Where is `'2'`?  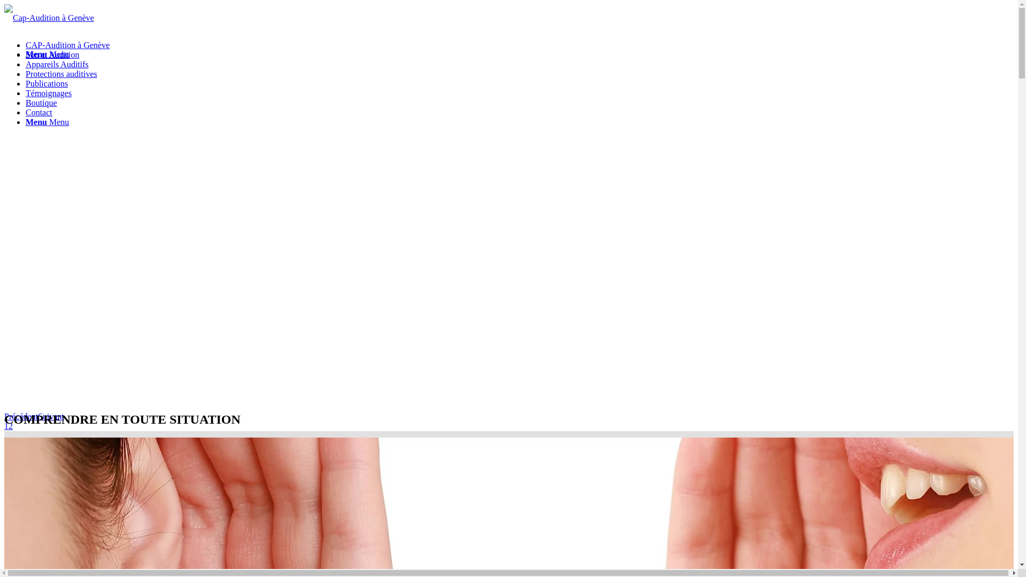 '2' is located at coordinates (10, 425).